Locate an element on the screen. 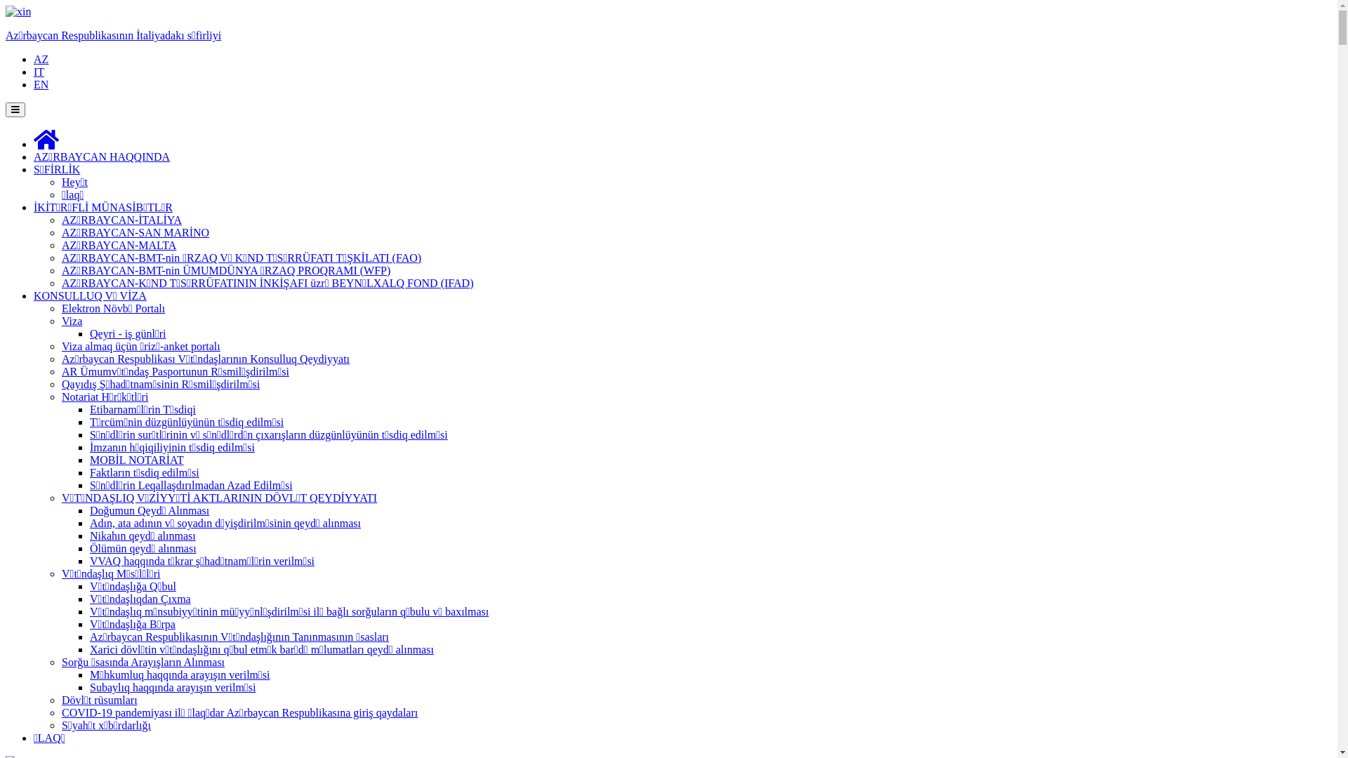 This screenshot has height=758, width=1348. 'AZ' is located at coordinates (41, 58).